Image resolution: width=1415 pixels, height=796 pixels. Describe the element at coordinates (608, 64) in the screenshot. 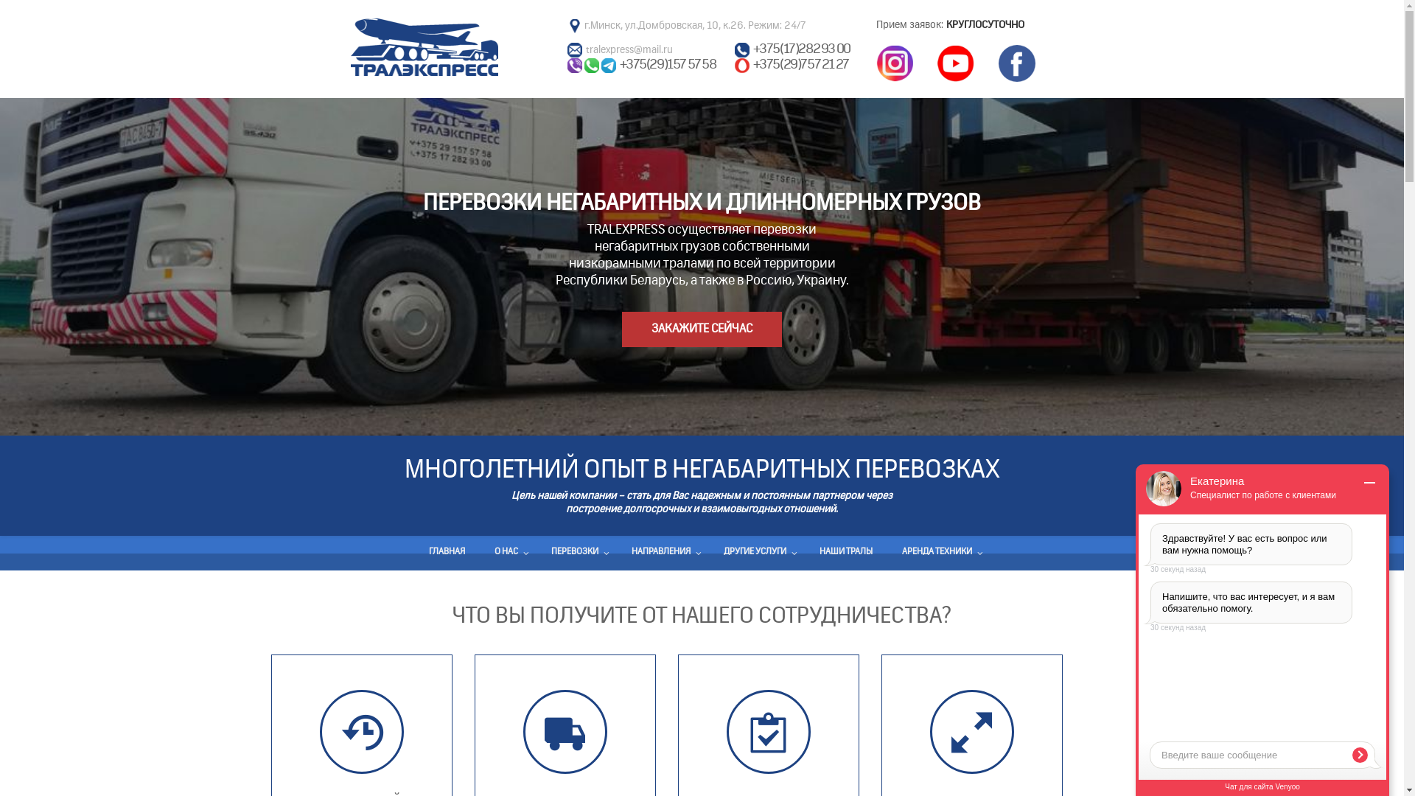

I see `'Telegram'` at that location.